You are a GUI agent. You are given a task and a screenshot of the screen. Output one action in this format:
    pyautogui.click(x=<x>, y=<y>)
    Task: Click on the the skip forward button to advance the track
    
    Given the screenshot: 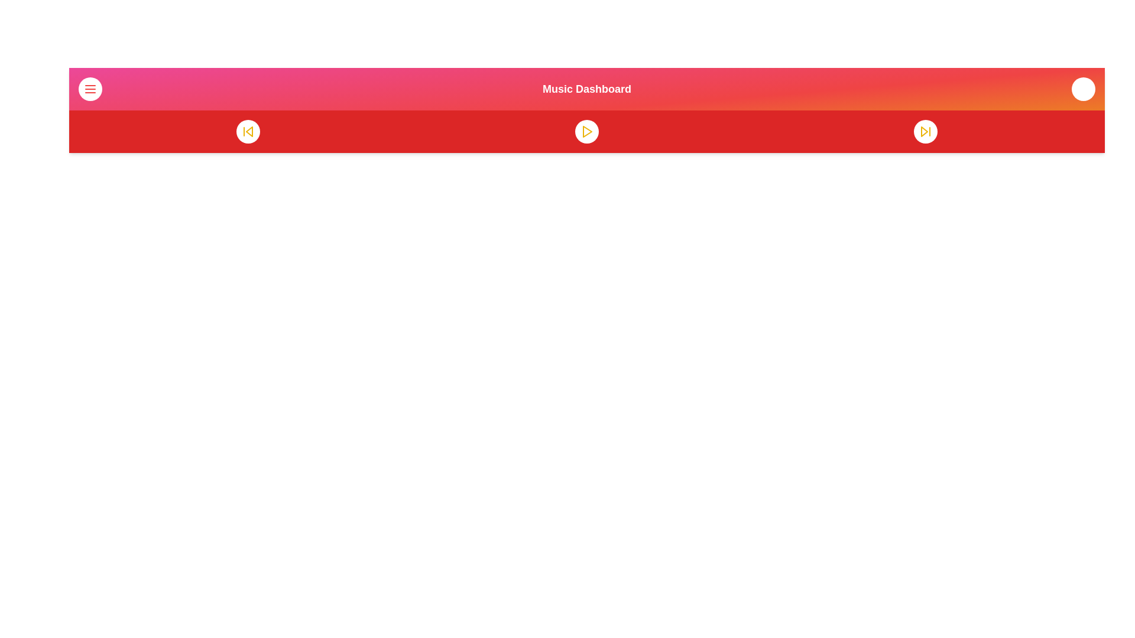 What is the action you would take?
    pyautogui.click(x=925, y=132)
    